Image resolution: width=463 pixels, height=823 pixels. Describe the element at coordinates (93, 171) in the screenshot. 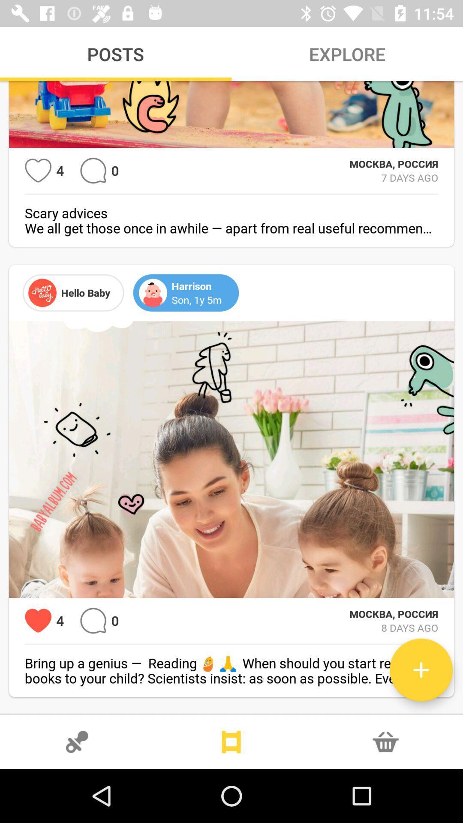

I see `message button` at that location.